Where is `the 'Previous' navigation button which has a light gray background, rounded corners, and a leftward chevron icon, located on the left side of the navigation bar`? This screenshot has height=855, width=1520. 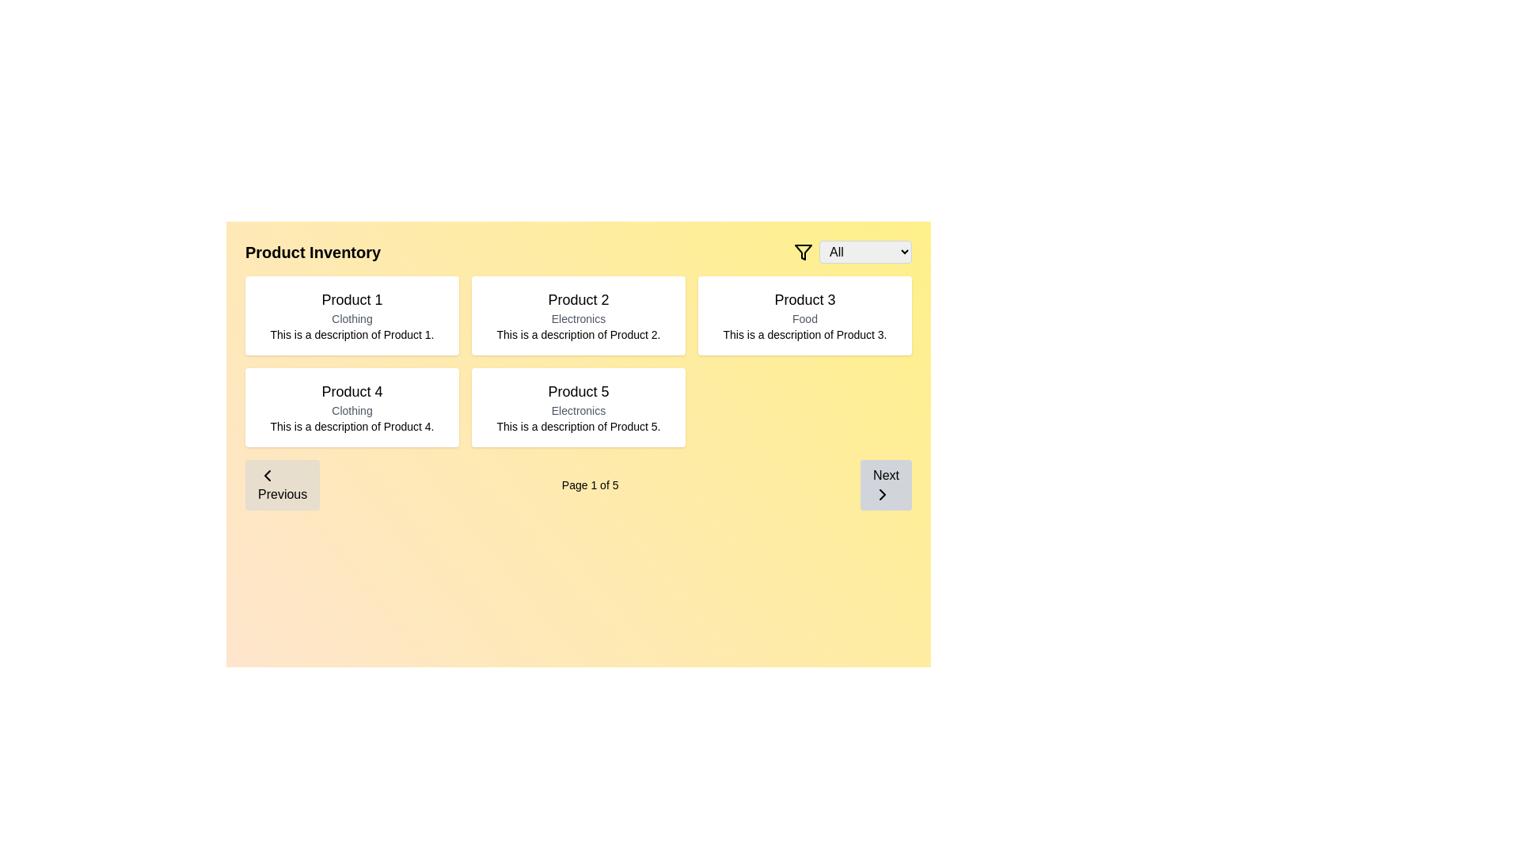
the 'Previous' navigation button which has a light gray background, rounded corners, and a leftward chevron icon, located on the left side of the navigation bar is located at coordinates (283, 484).